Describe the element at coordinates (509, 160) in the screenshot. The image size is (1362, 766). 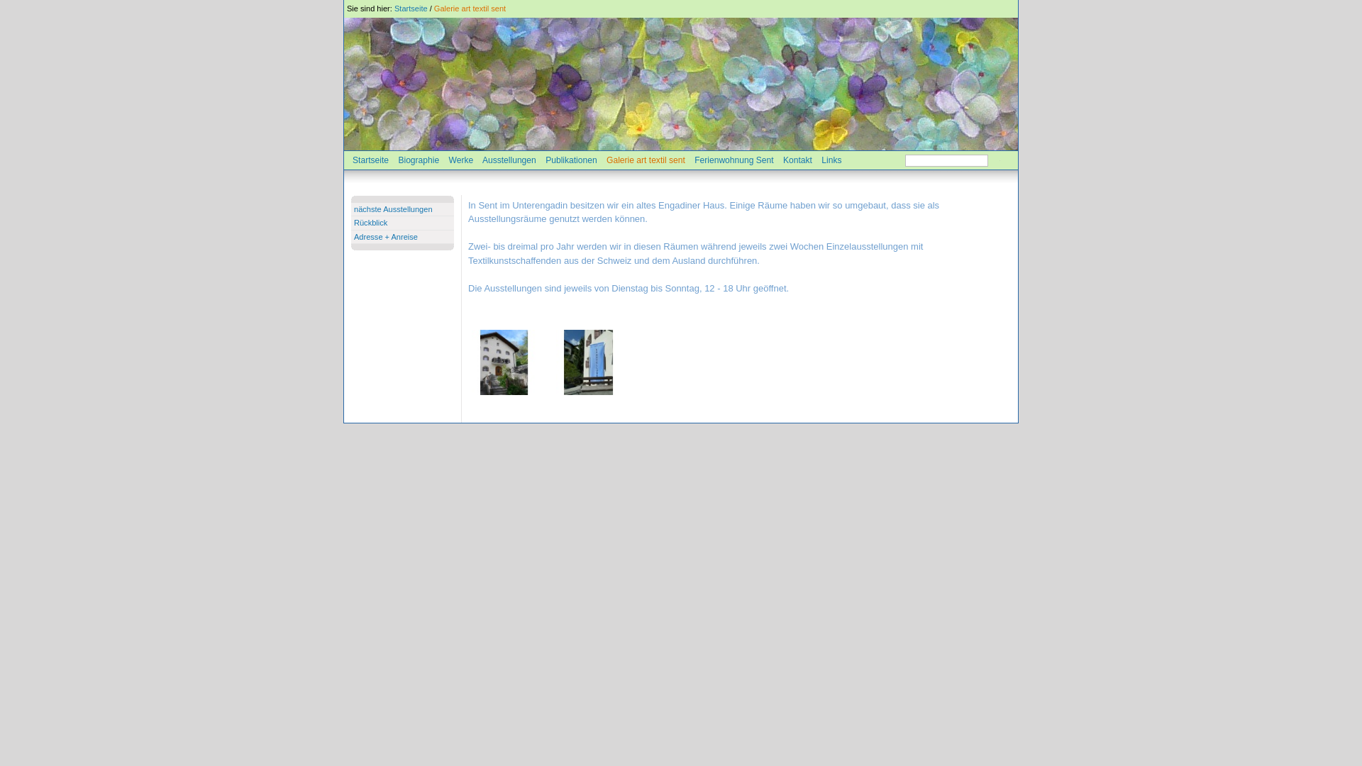
I see `'Ausstellungen'` at that location.